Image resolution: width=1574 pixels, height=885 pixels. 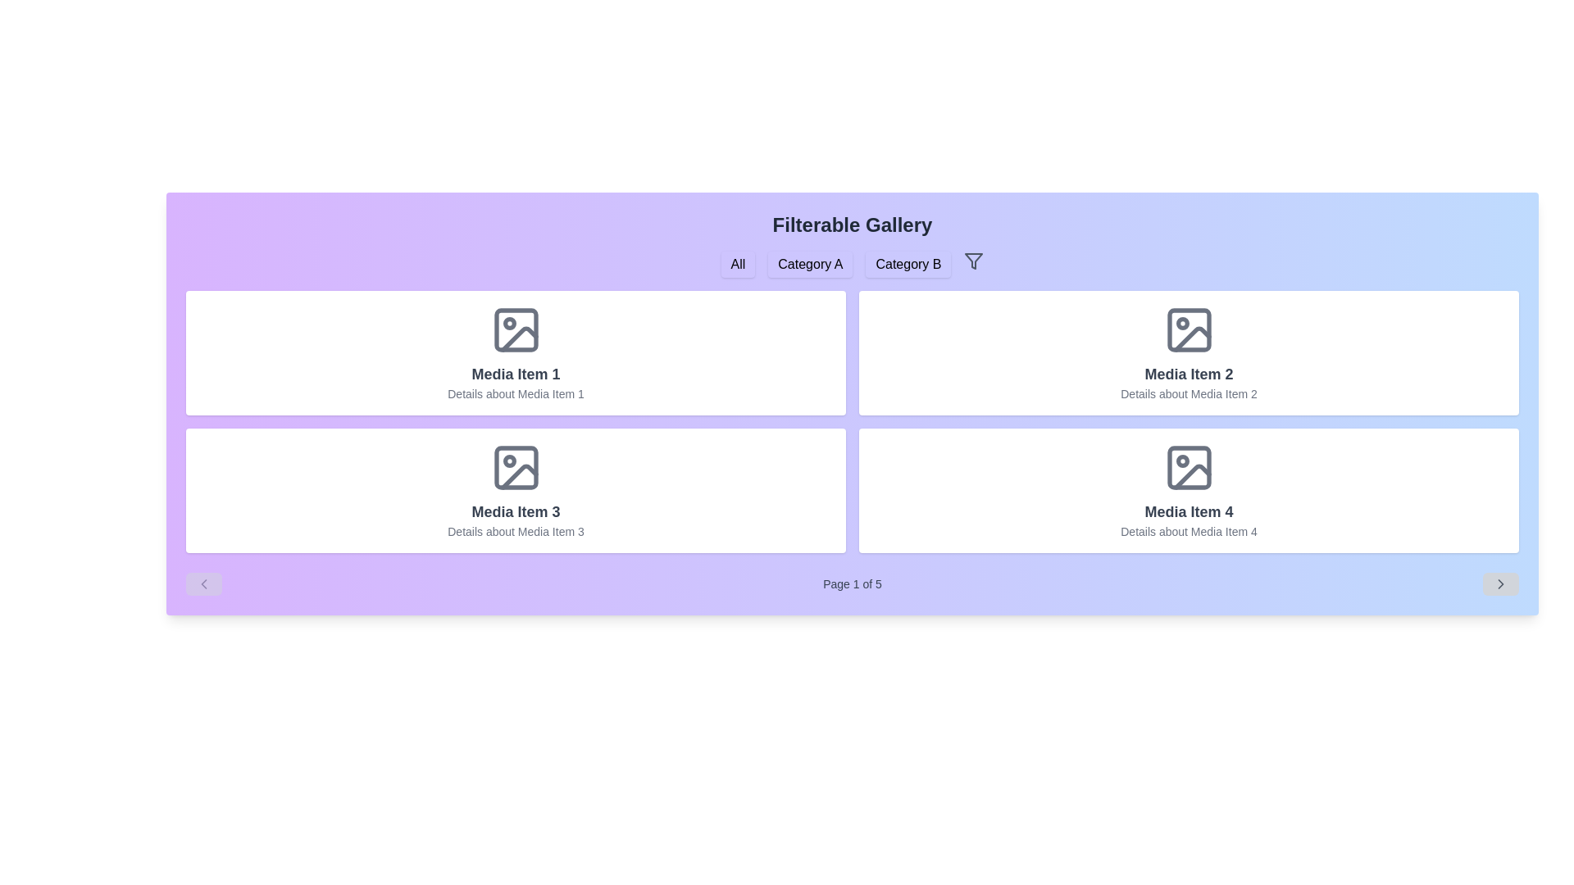 What do you see at coordinates (518, 338) in the screenshot?
I see `the graphic icon element that is part of the Media Item 1 card, located in the top-left corner of the image icon in the first cell of the gallery` at bounding box center [518, 338].